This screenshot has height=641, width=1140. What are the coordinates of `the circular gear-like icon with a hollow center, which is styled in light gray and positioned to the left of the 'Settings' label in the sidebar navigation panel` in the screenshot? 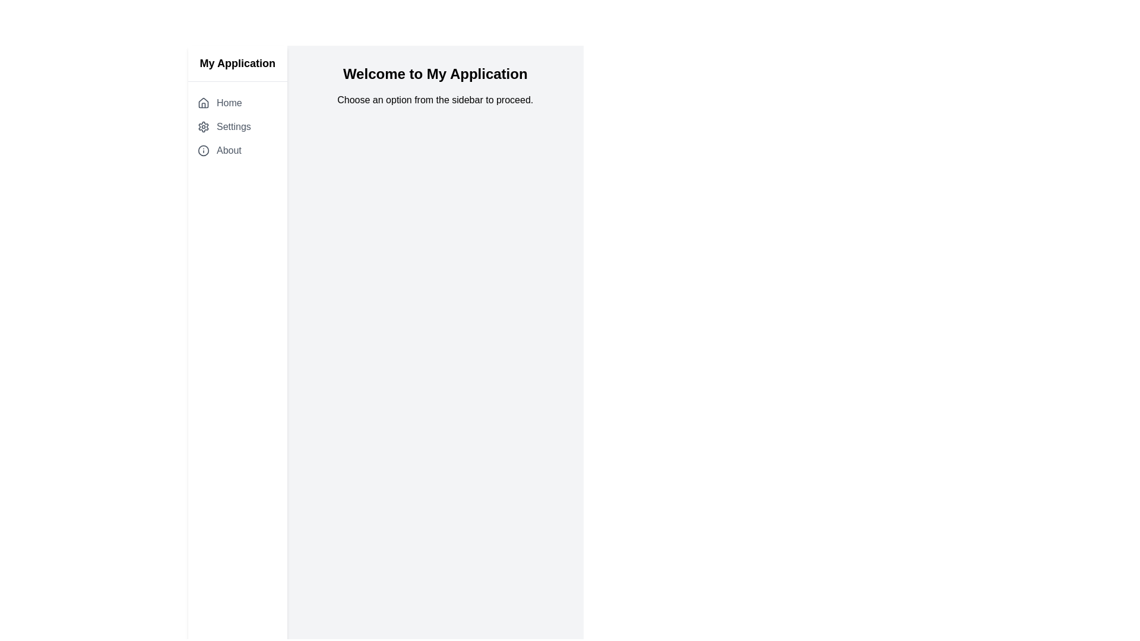 It's located at (203, 126).